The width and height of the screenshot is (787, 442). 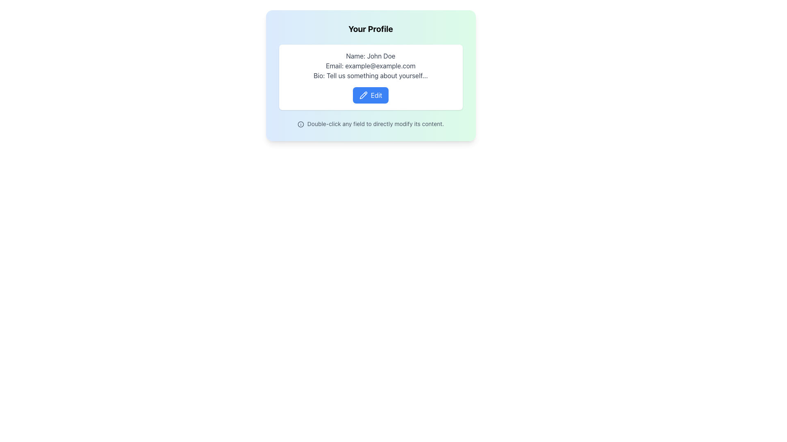 I want to click on the appearance of the pencil icon located to the left of the 'Edit' text in the button on the profile card layout, so click(x=363, y=95).